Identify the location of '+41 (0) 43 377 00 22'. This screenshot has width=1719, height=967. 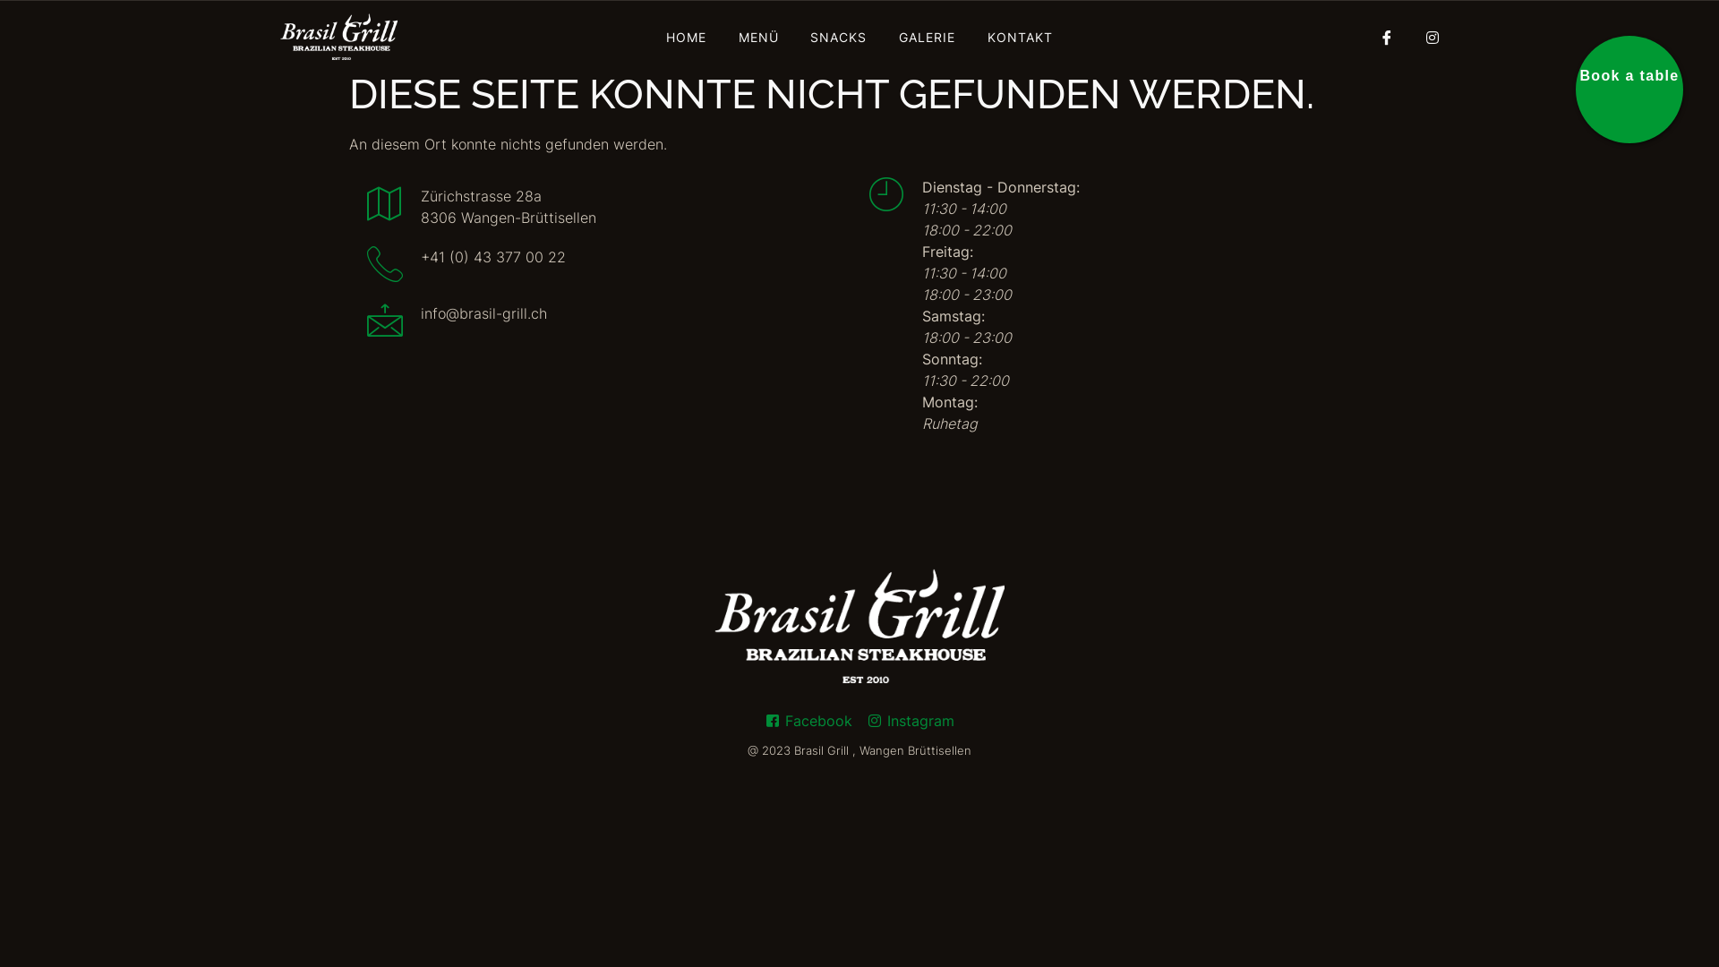
(466, 265).